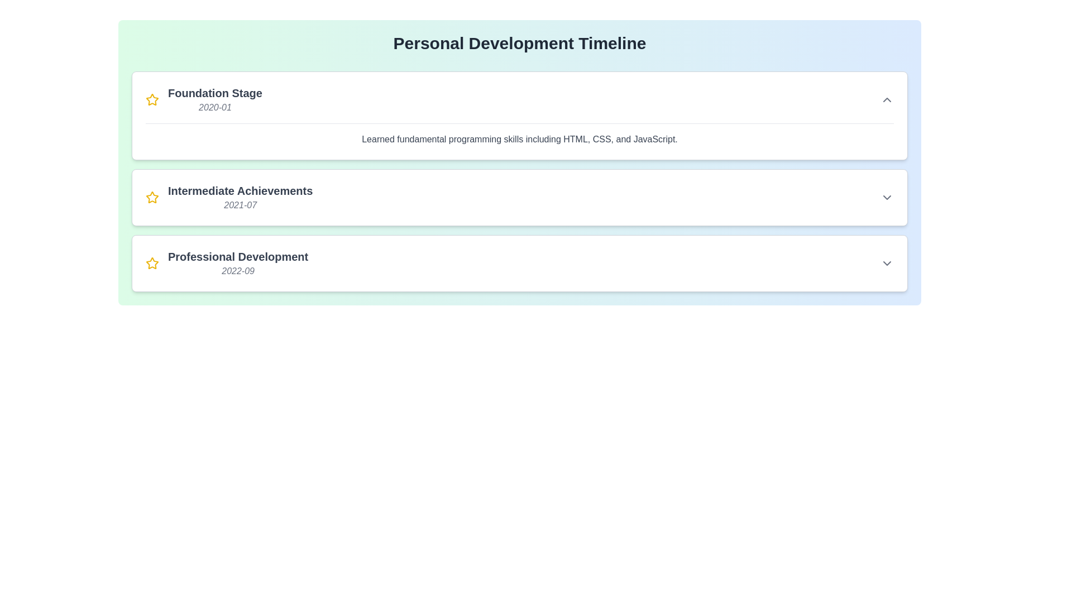 The width and height of the screenshot is (1072, 603). What do you see at coordinates (152, 263) in the screenshot?
I see `the star icon with a yellow outline located to the left of the 'Professional Development' title in the 'Personal Development Timeline' section` at bounding box center [152, 263].